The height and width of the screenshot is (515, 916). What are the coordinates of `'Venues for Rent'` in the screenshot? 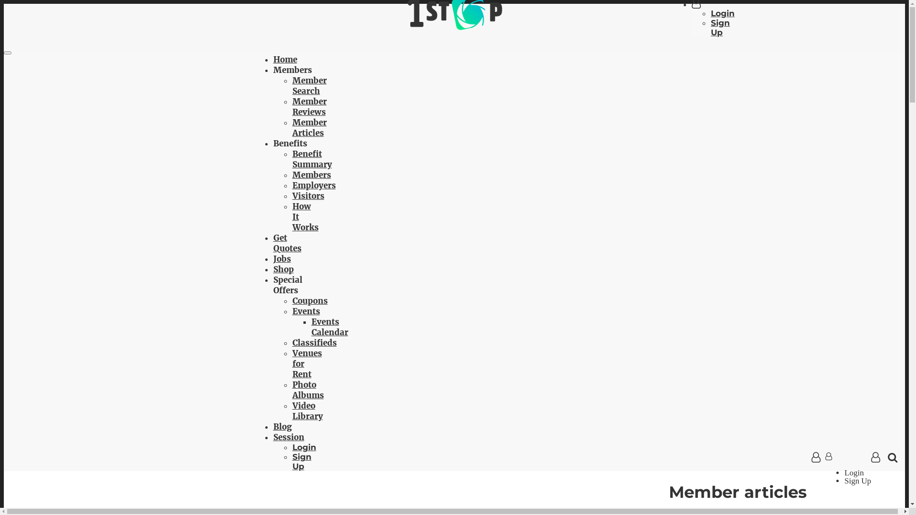 It's located at (291, 364).